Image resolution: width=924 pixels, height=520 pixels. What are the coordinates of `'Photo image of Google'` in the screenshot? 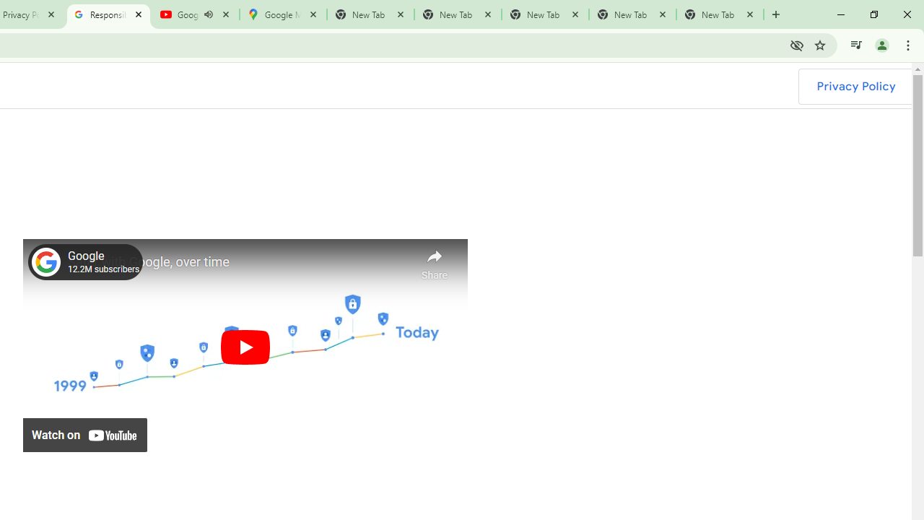 It's located at (46, 261).